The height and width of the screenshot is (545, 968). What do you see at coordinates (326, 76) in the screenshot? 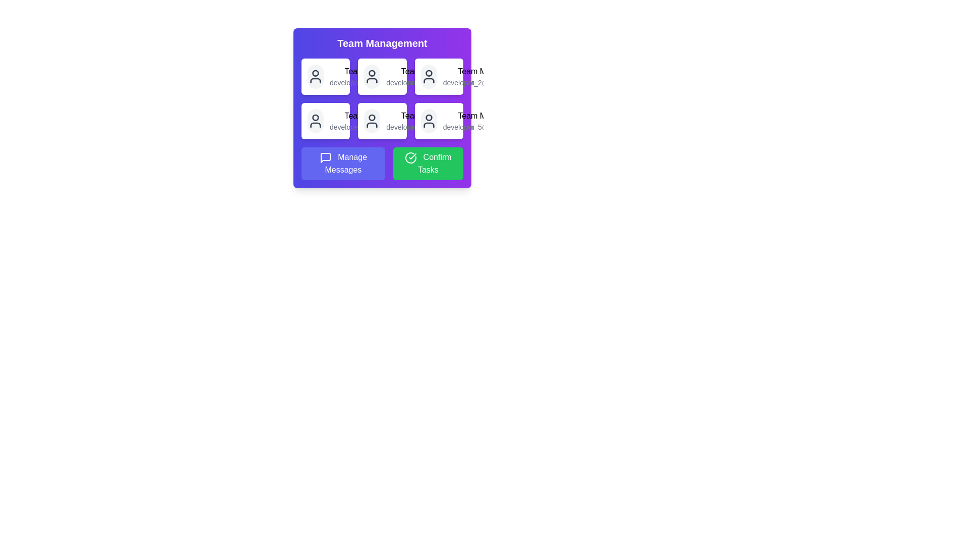
I see `the Information card representing the first team member in the team management interface, located in the top-left section of the grid` at bounding box center [326, 76].